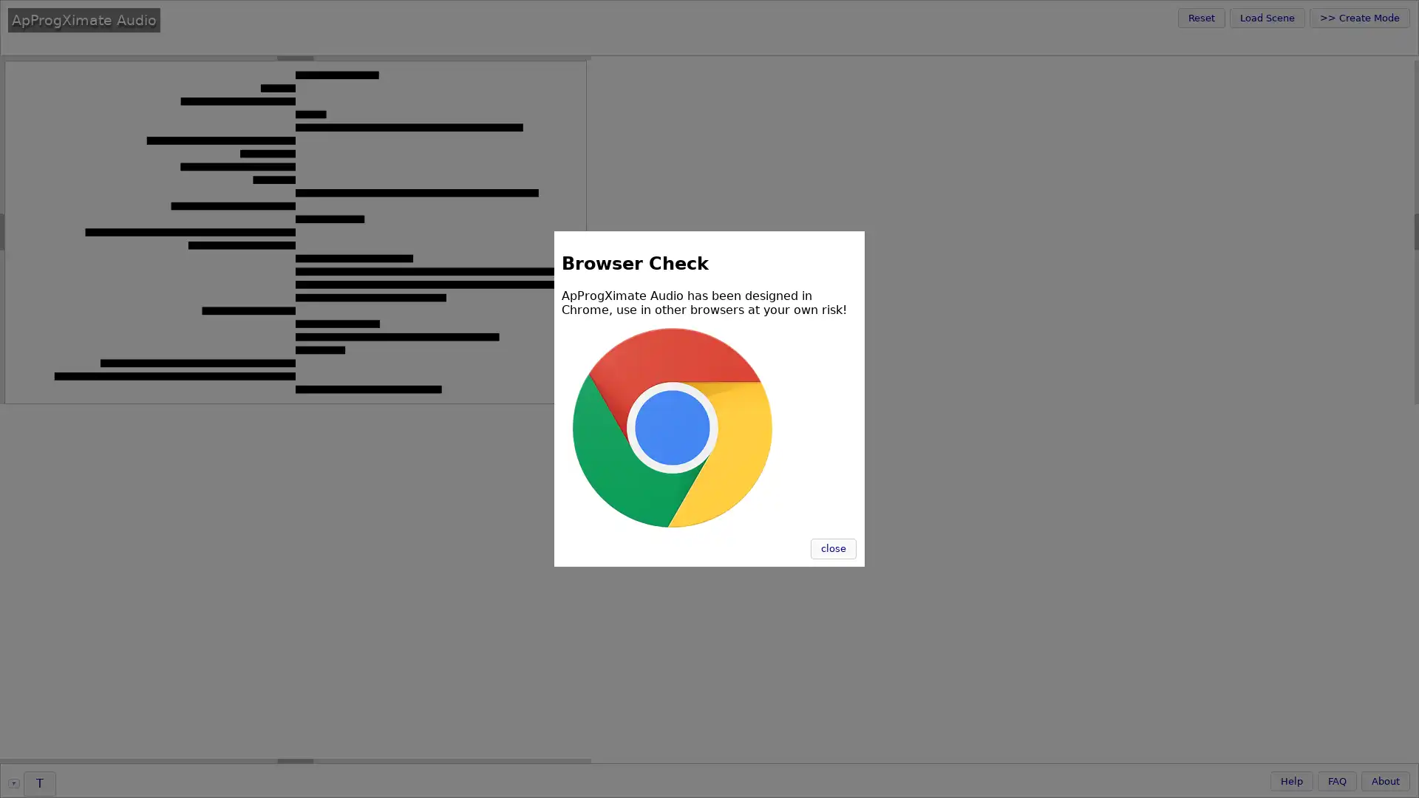 The image size is (1419, 798). I want to click on FAQ, so click(1337, 774).